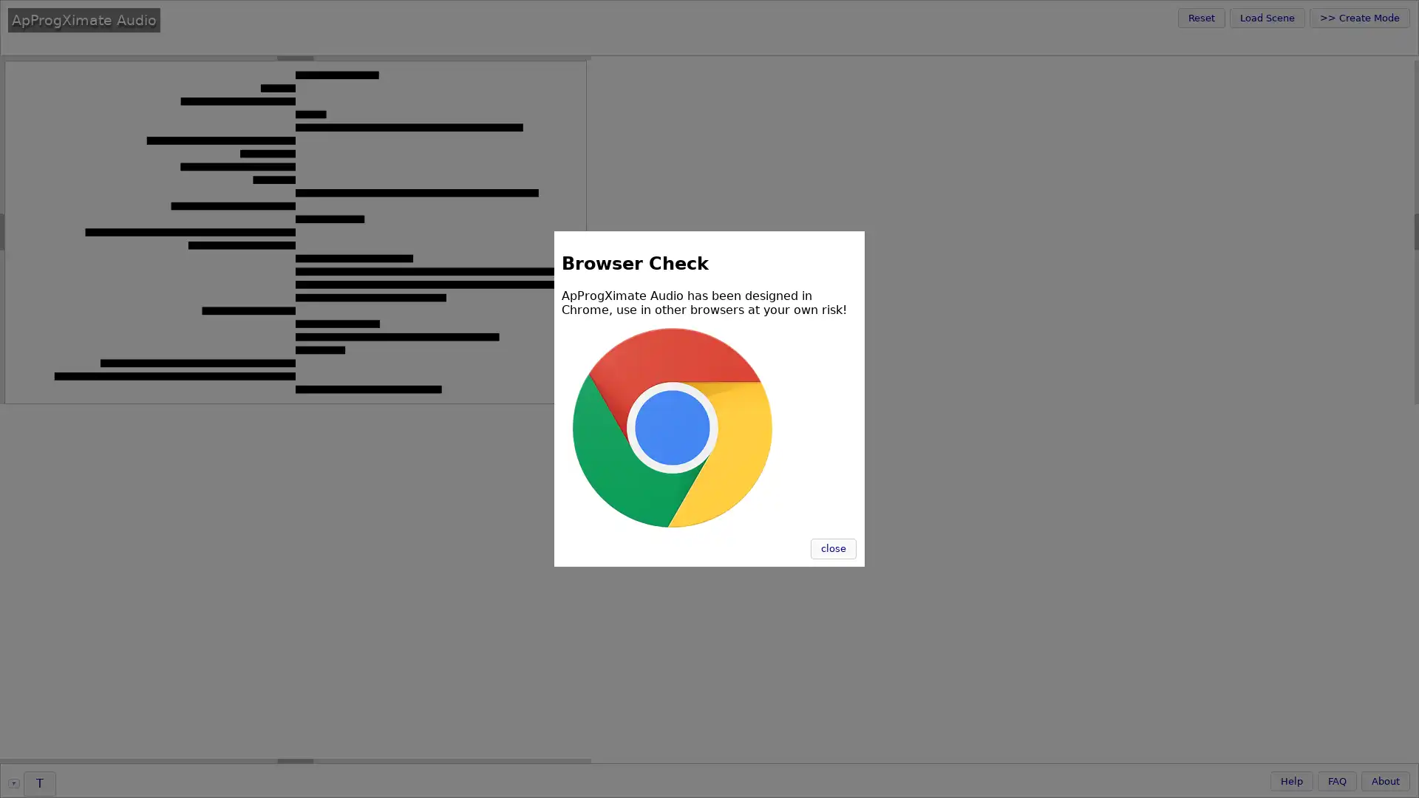 The image size is (1419, 798). I want to click on FAQ, so click(1337, 774).